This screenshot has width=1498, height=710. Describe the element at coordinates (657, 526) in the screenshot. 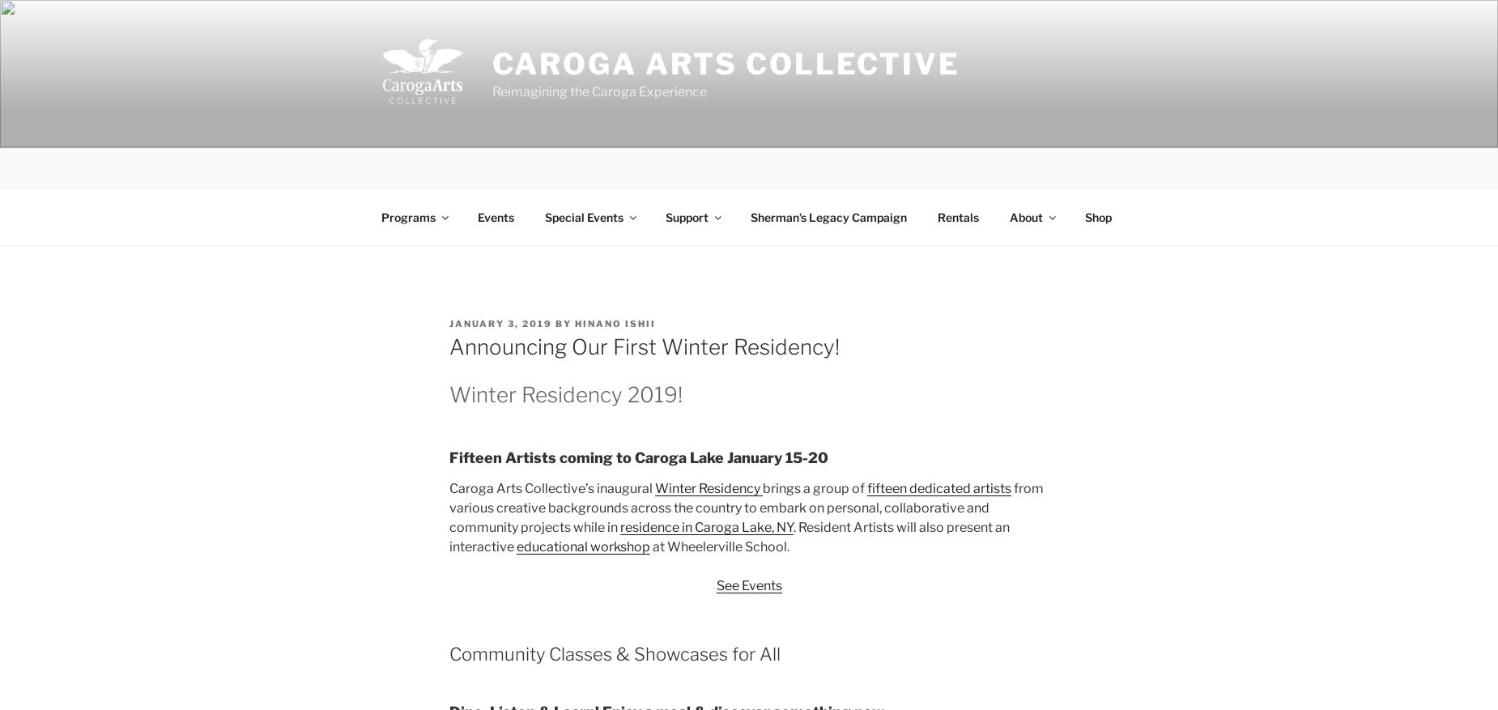

I see `'residence in'` at that location.